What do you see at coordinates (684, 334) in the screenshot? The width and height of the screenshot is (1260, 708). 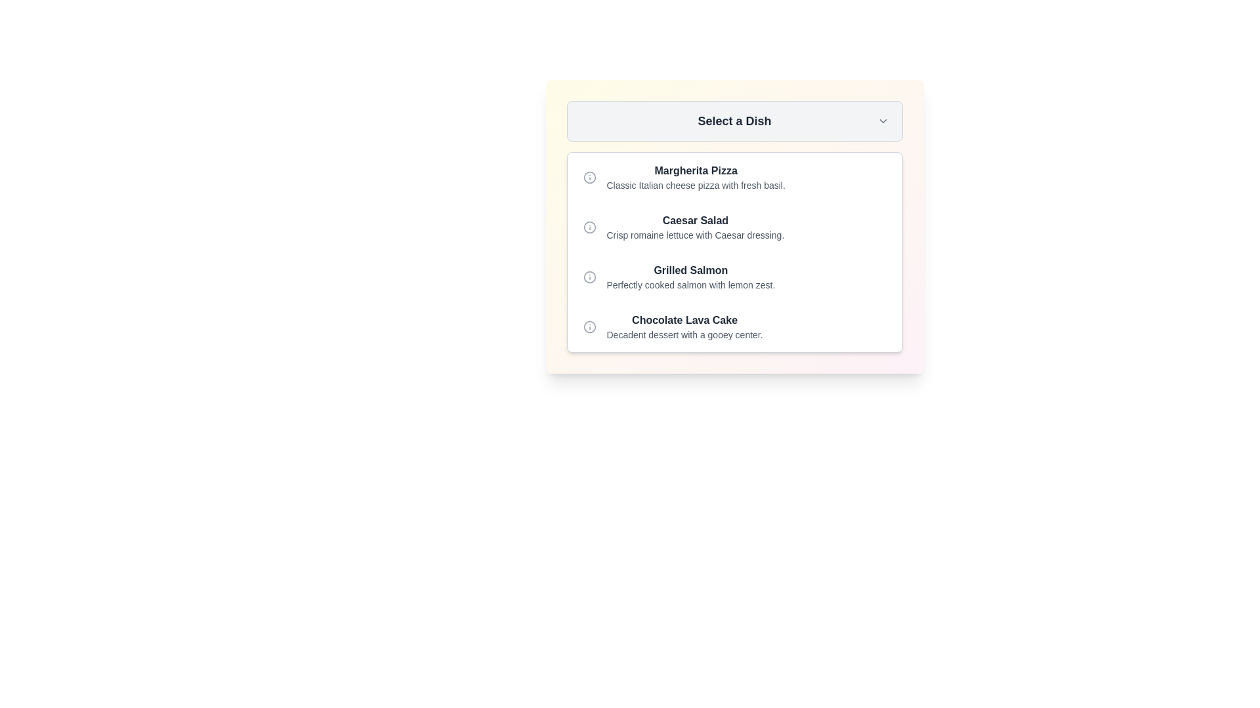 I see `description text for the 'Chocolate Lava Cake' dish, located below the title within the 'Select a Dish' section as the fourth item in the list` at bounding box center [684, 334].